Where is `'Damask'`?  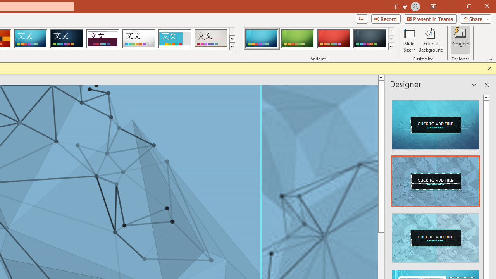
'Damask' is located at coordinates (67, 39).